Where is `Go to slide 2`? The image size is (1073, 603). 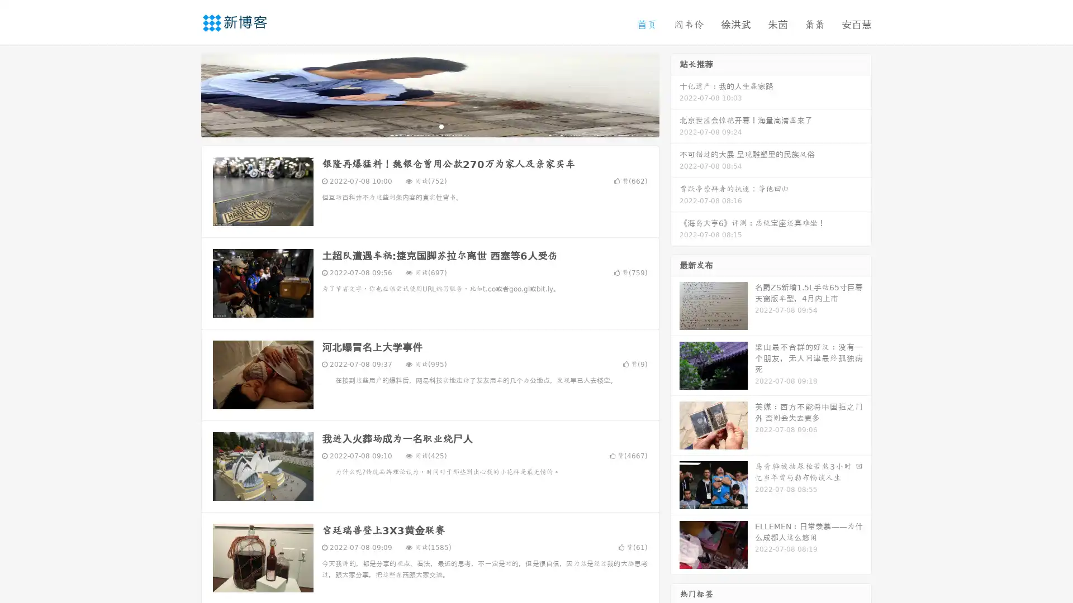
Go to slide 2 is located at coordinates (429, 126).